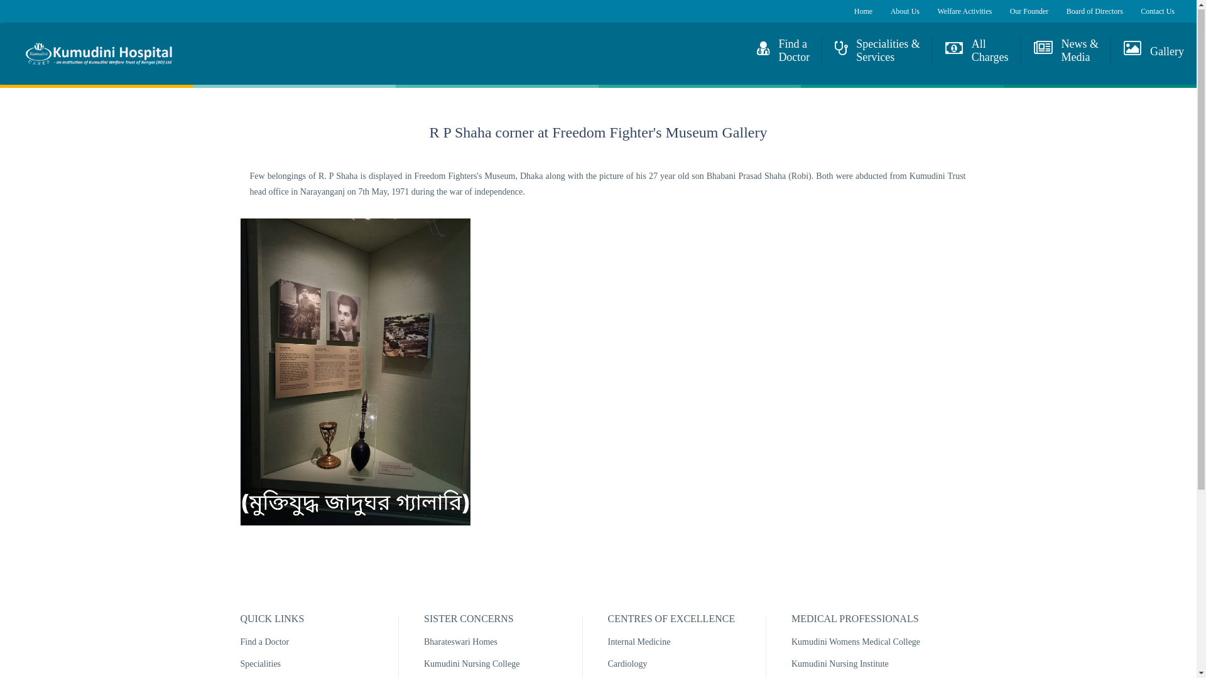  Describe the element at coordinates (36, 0) in the screenshot. I see `'Skip to main content'` at that location.